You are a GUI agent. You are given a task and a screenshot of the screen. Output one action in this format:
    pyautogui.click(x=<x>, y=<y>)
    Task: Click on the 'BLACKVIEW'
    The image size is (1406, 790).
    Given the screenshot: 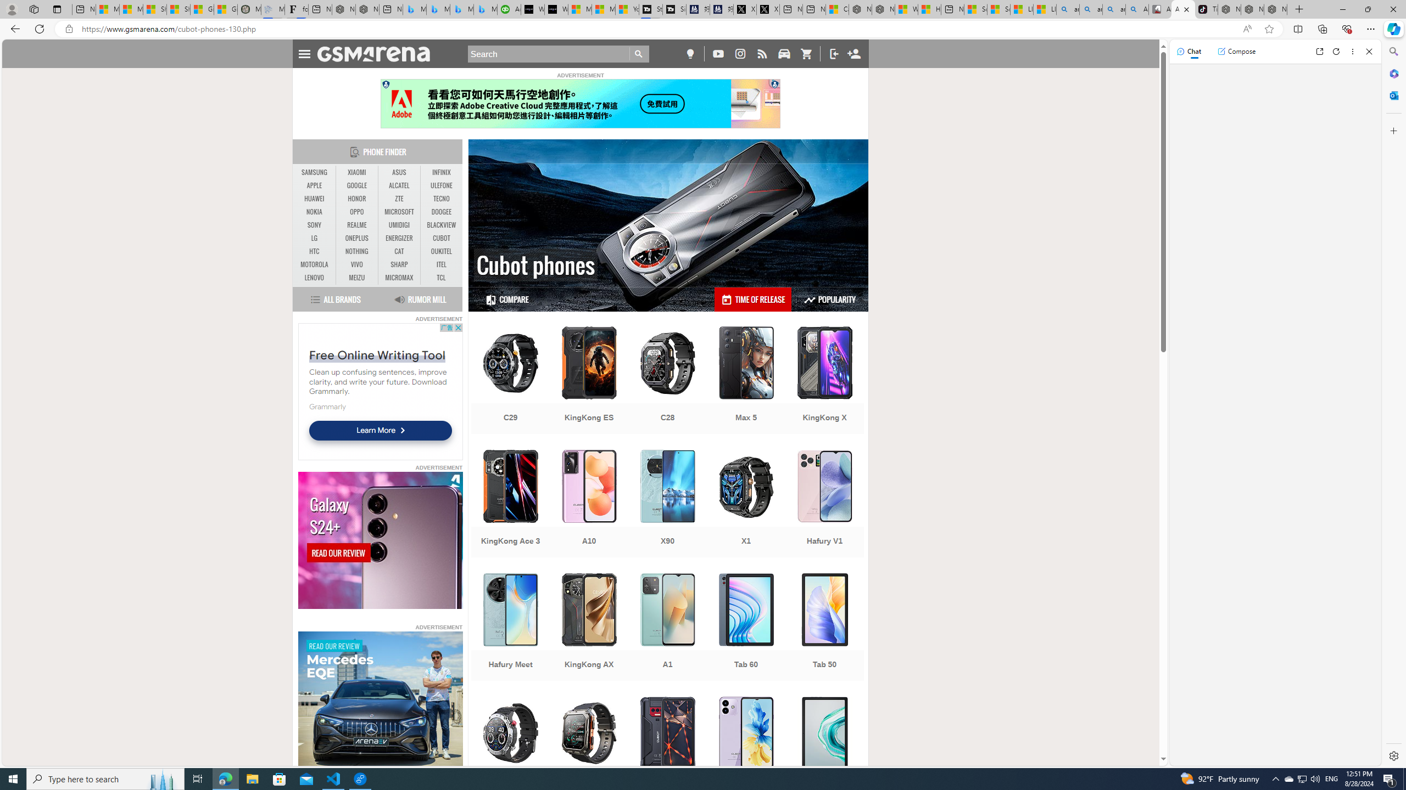 What is the action you would take?
    pyautogui.click(x=441, y=224)
    